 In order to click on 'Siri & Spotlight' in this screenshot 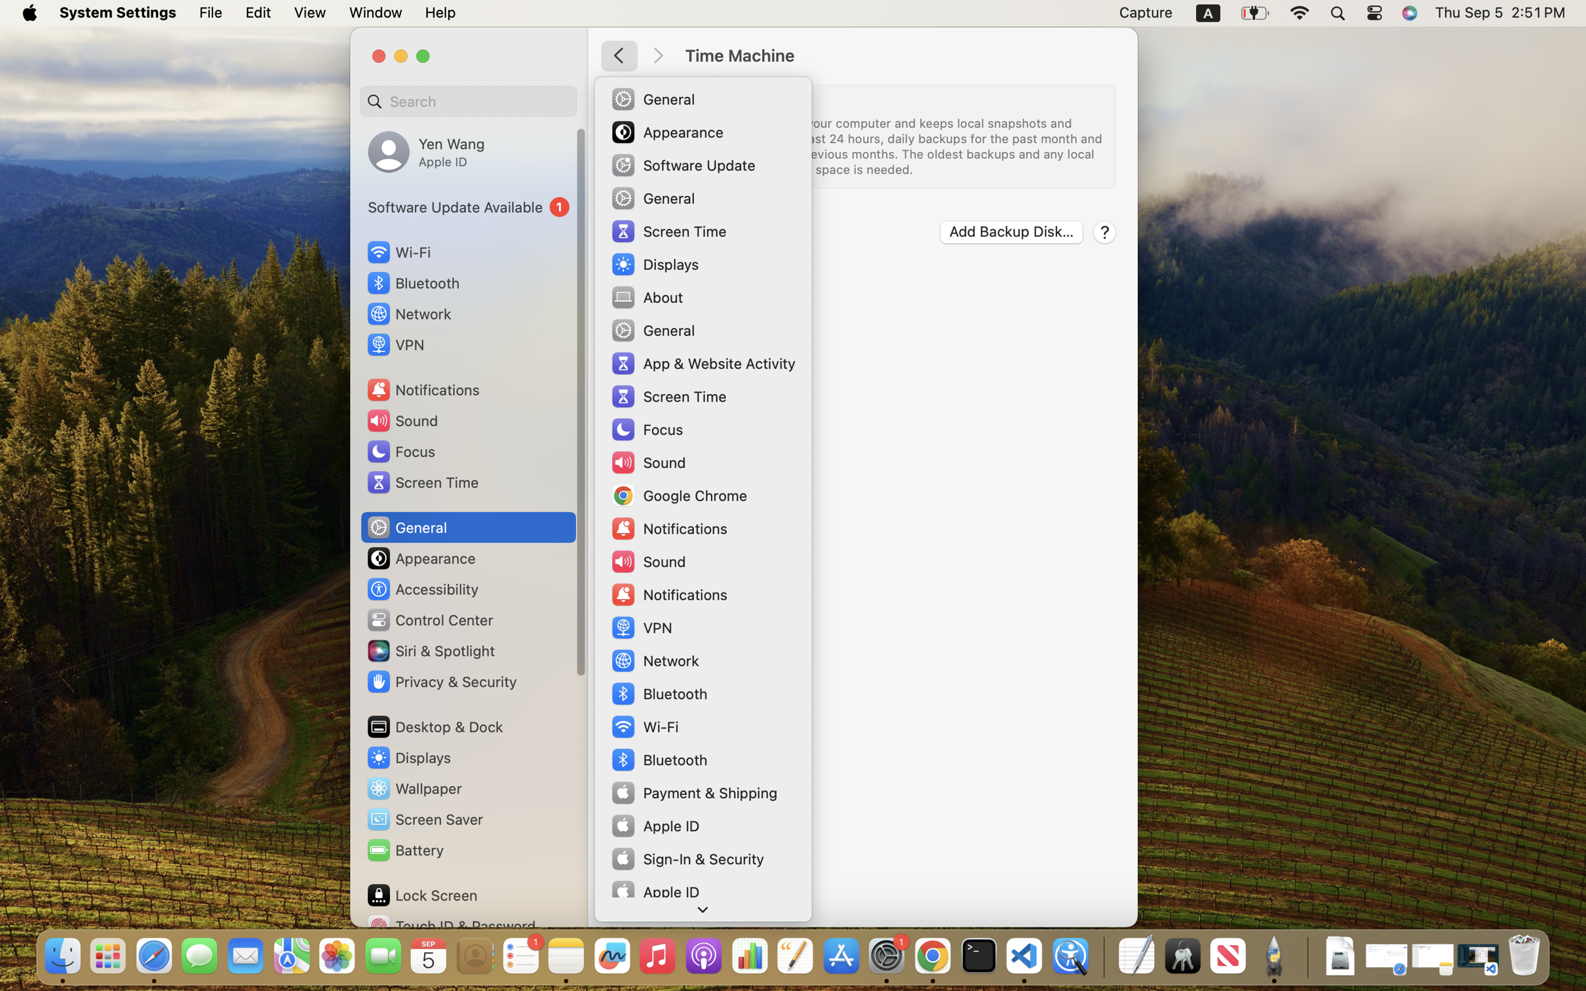, I will do `click(429, 650)`.